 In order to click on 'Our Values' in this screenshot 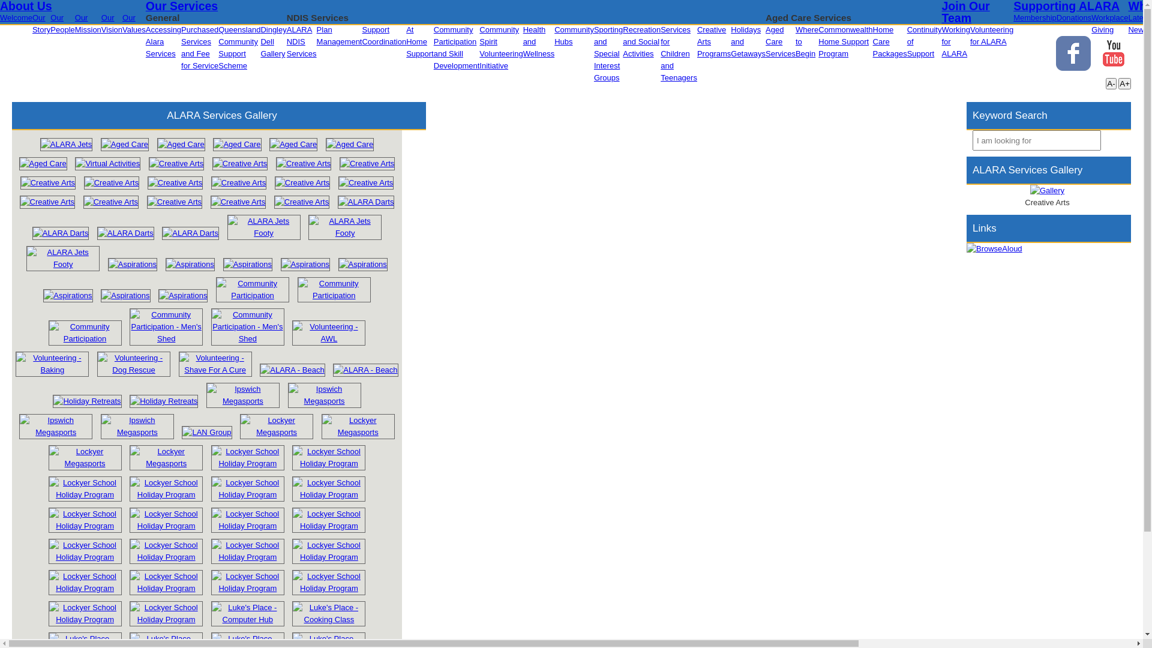, I will do `click(134, 23)`.